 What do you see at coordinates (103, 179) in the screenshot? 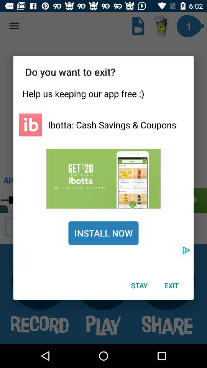
I see `open app page` at bounding box center [103, 179].